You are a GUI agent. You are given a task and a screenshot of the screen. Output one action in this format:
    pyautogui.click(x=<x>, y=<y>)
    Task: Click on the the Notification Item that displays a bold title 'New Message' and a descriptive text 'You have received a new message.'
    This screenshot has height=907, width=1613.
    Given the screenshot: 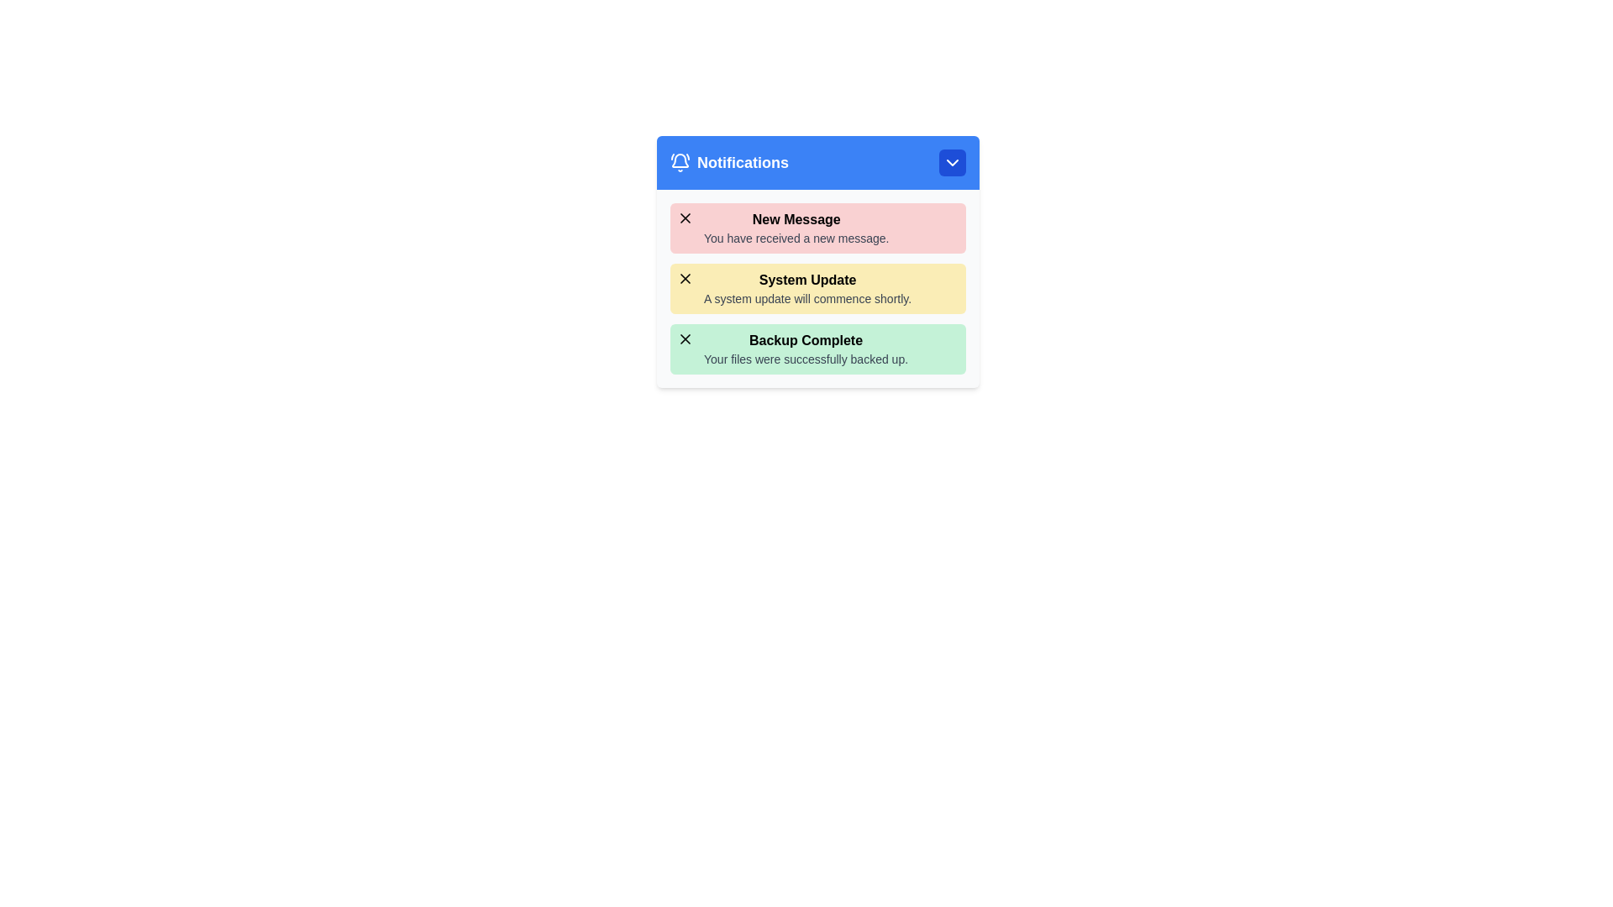 What is the action you would take?
    pyautogui.click(x=796, y=228)
    